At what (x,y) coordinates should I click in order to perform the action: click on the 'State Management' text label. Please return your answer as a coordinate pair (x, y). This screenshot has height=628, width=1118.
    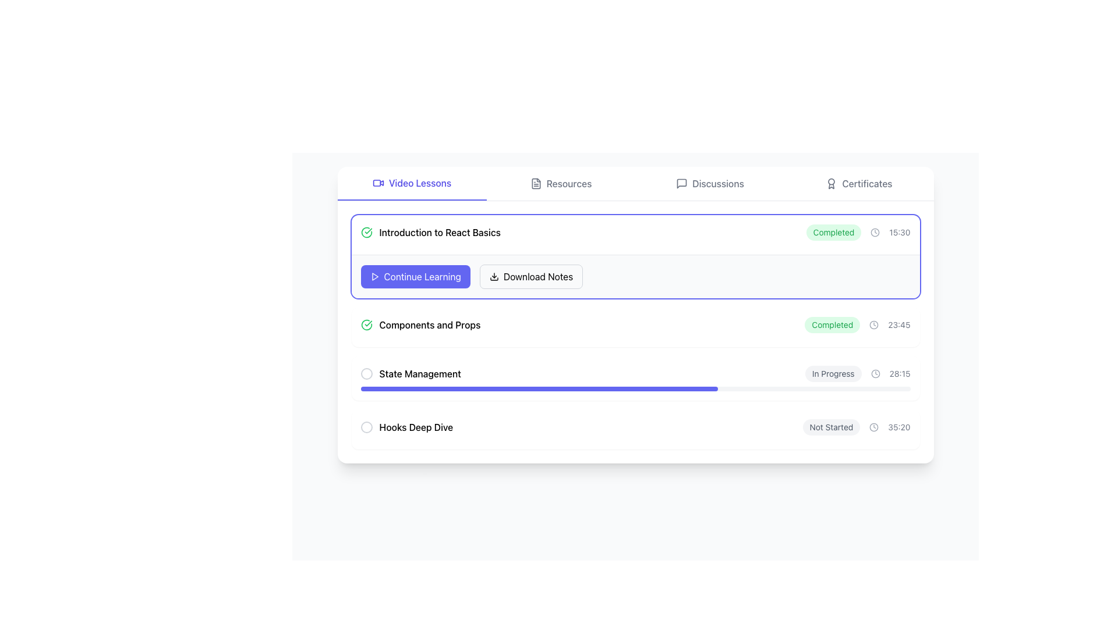
    Looking at the image, I should click on (411, 374).